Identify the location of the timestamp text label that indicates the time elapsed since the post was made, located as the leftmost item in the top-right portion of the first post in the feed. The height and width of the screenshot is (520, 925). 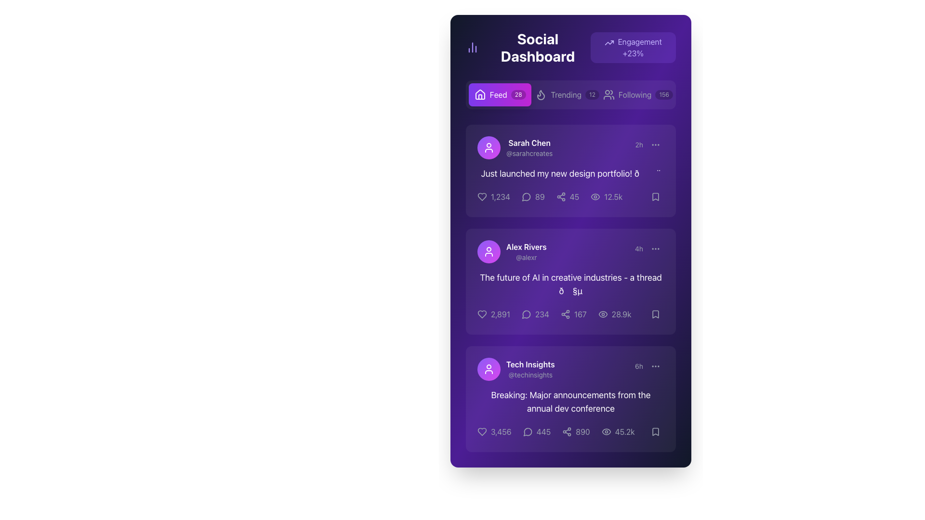
(639, 144).